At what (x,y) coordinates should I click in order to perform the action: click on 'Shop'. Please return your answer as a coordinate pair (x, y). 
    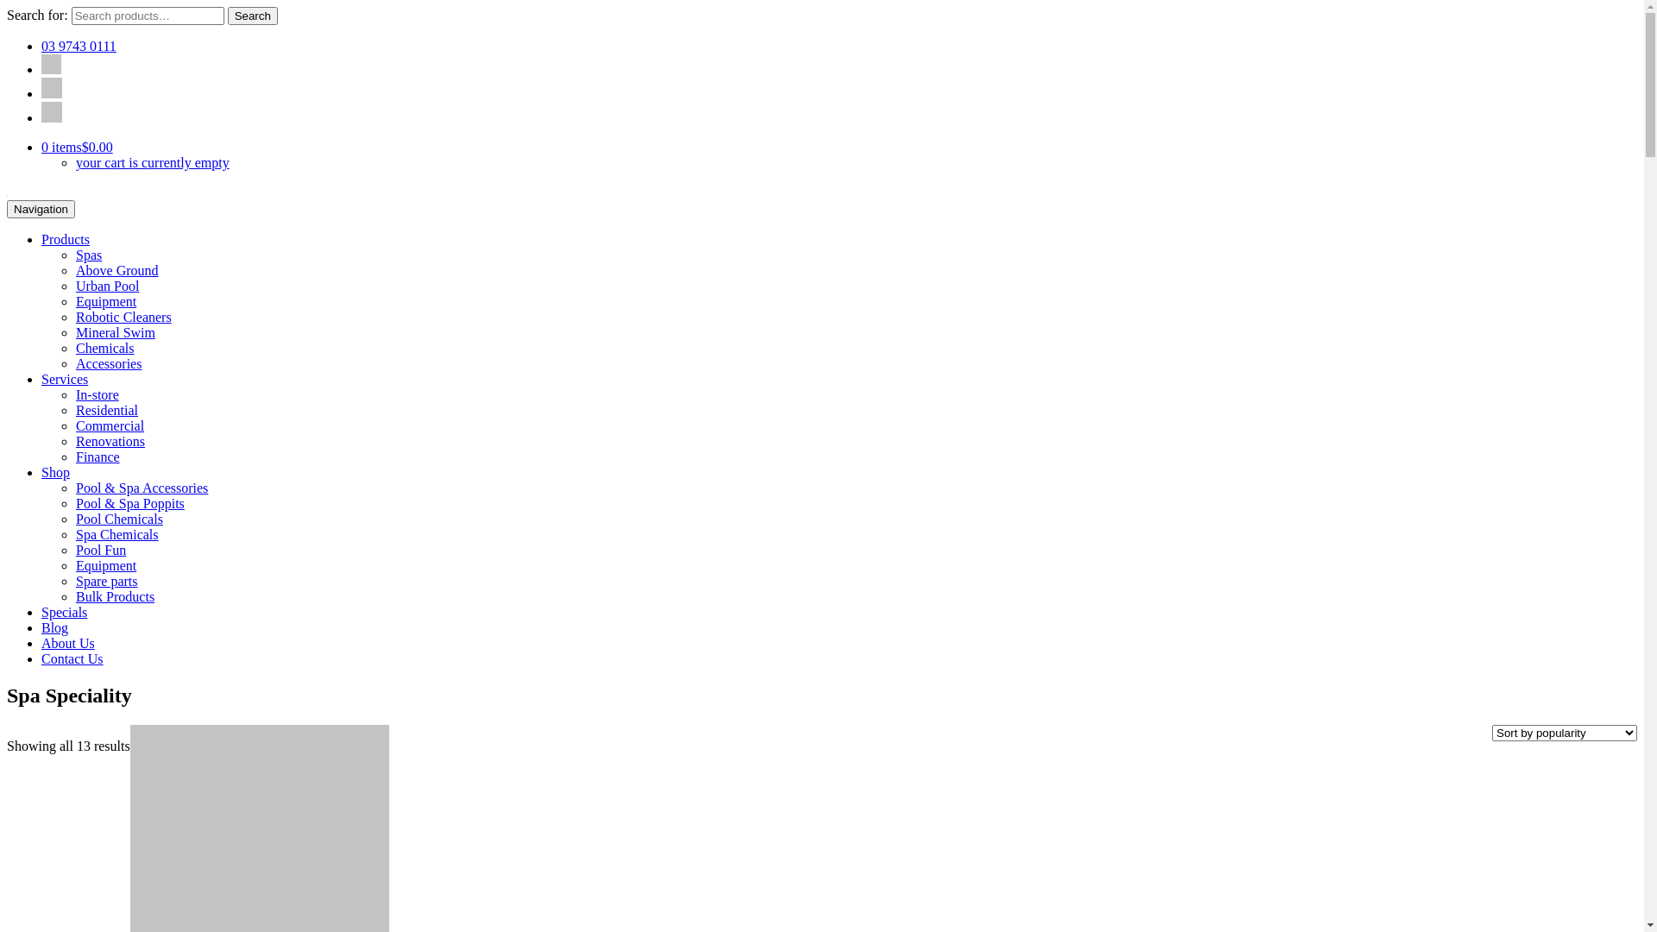
    Looking at the image, I should click on (55, 472).